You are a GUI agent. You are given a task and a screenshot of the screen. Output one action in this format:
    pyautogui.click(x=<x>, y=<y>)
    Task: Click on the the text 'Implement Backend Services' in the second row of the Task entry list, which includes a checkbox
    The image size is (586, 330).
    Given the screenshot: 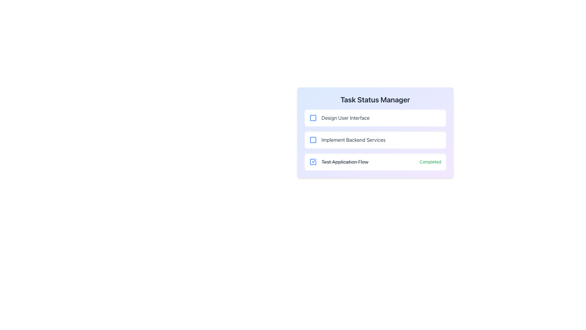 What is the action you would take?
    pyautogui.click(x=375, y=140)
    